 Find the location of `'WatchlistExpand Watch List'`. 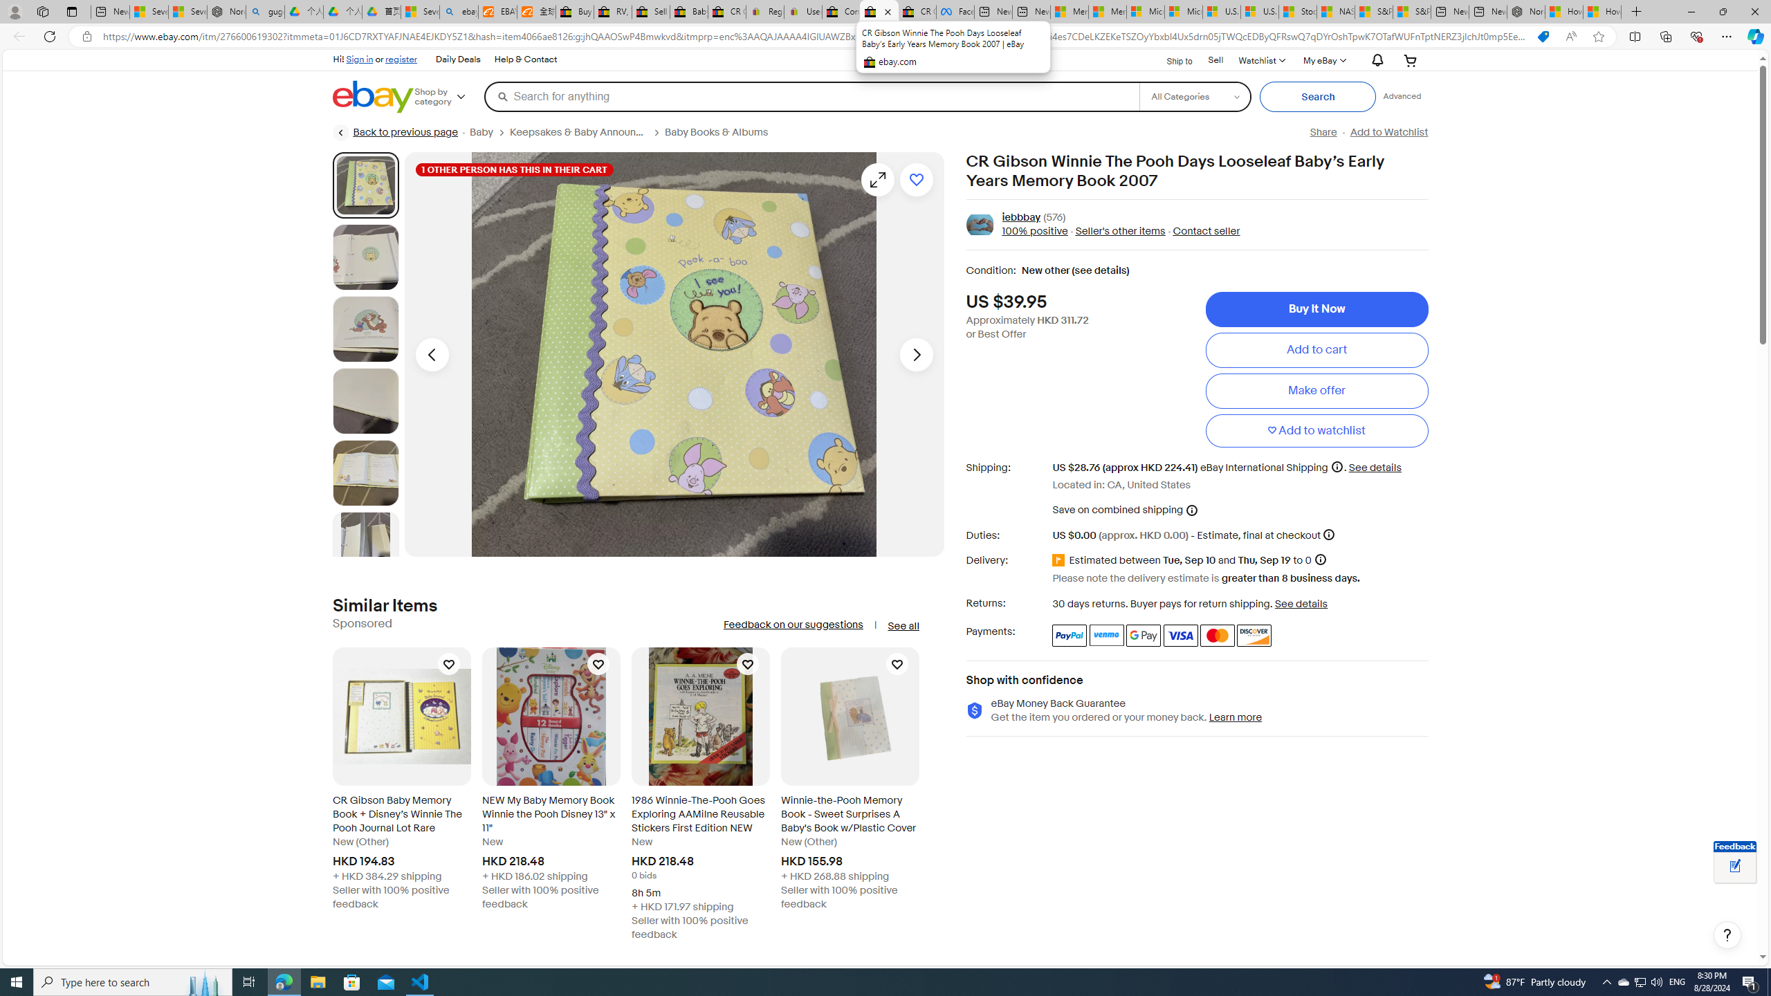

'WatchlistExpand Watch List' is located at coordinates (1260, 60).